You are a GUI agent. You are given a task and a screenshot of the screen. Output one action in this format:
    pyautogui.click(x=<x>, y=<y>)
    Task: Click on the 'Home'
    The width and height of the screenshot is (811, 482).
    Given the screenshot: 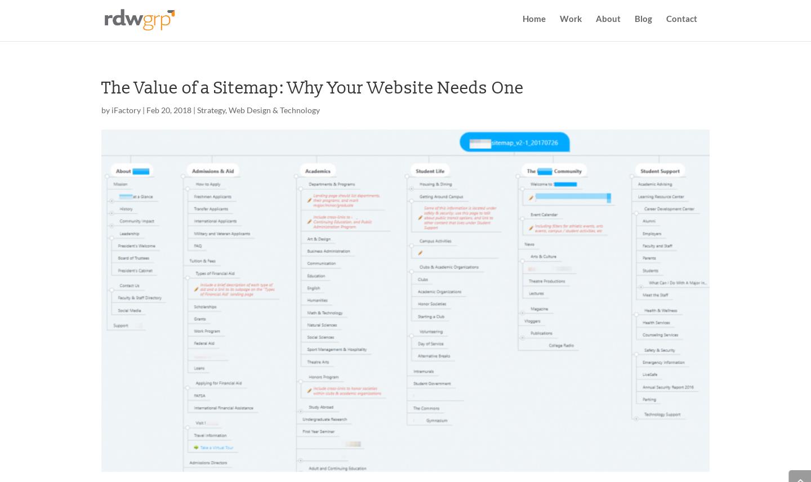 What is the action you would take?
    pyautogui.click(x=534, y=25)
    